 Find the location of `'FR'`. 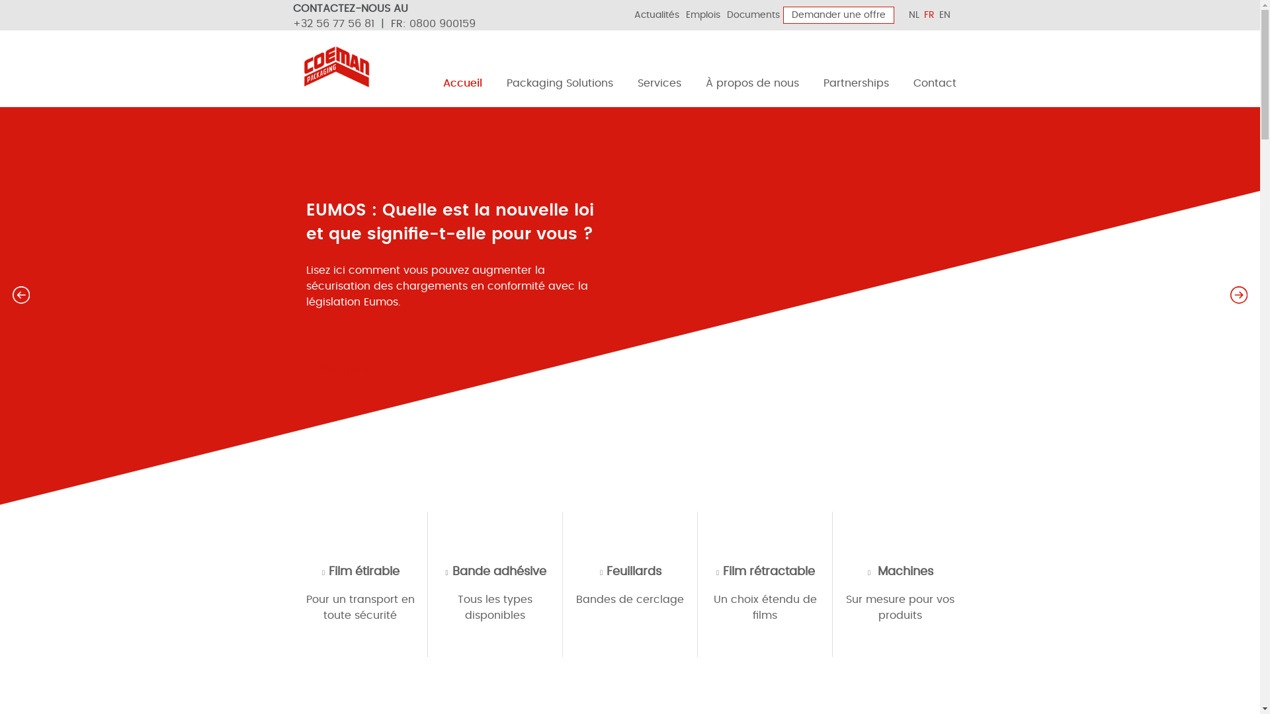

'FR' is located at coordinates (931, 15).